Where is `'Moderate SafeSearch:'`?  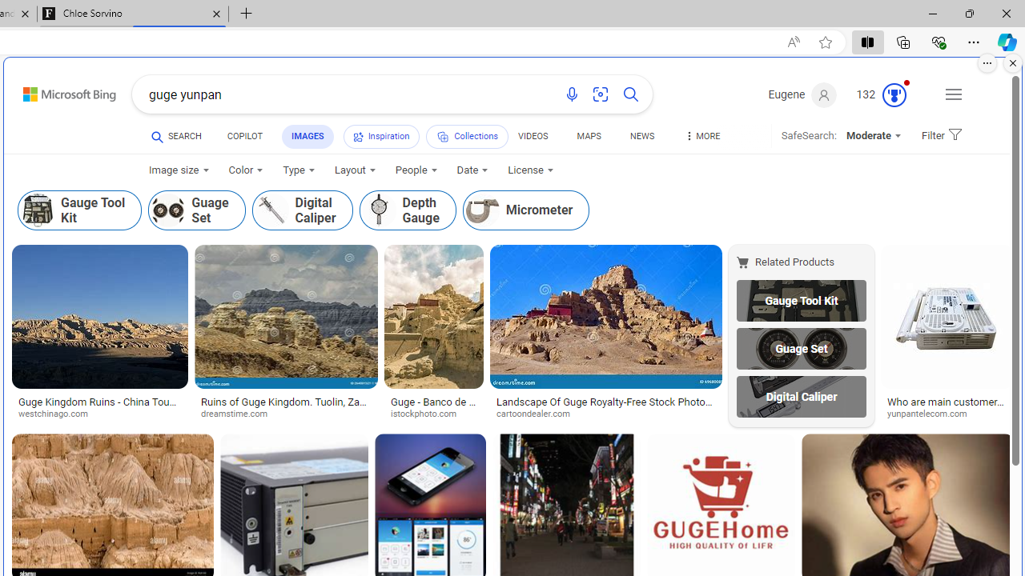 'Moderate SafeSearch:' is located at coordinates (872, 134).